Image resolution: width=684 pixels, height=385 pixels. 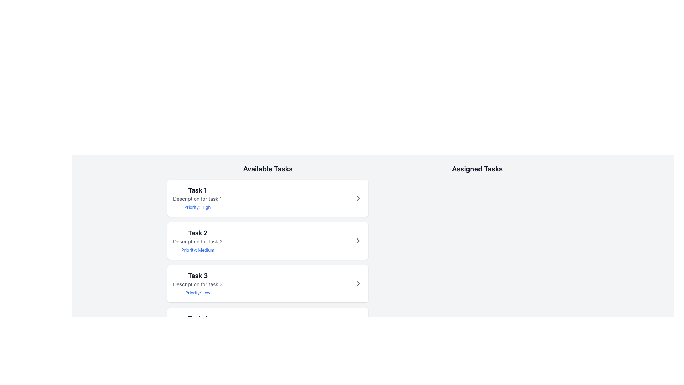 I want to click on the title text label for Task 1, which is the first and distinct title element within the 'Available Tasks' column, so click(x=197, y=190).